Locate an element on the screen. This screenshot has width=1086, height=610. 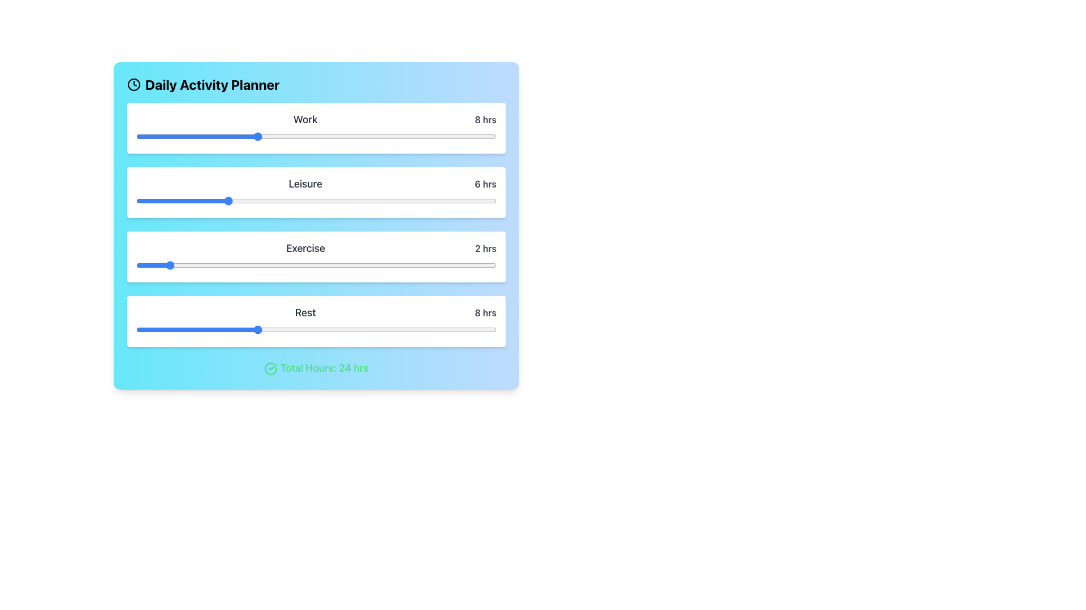
the 'Rest' text label in the Daily Activity Planner, located in the fourth row of the activity list, to provide context for the adjacent slider and '8 hrs' indicator is located at coordinates (305, 313).